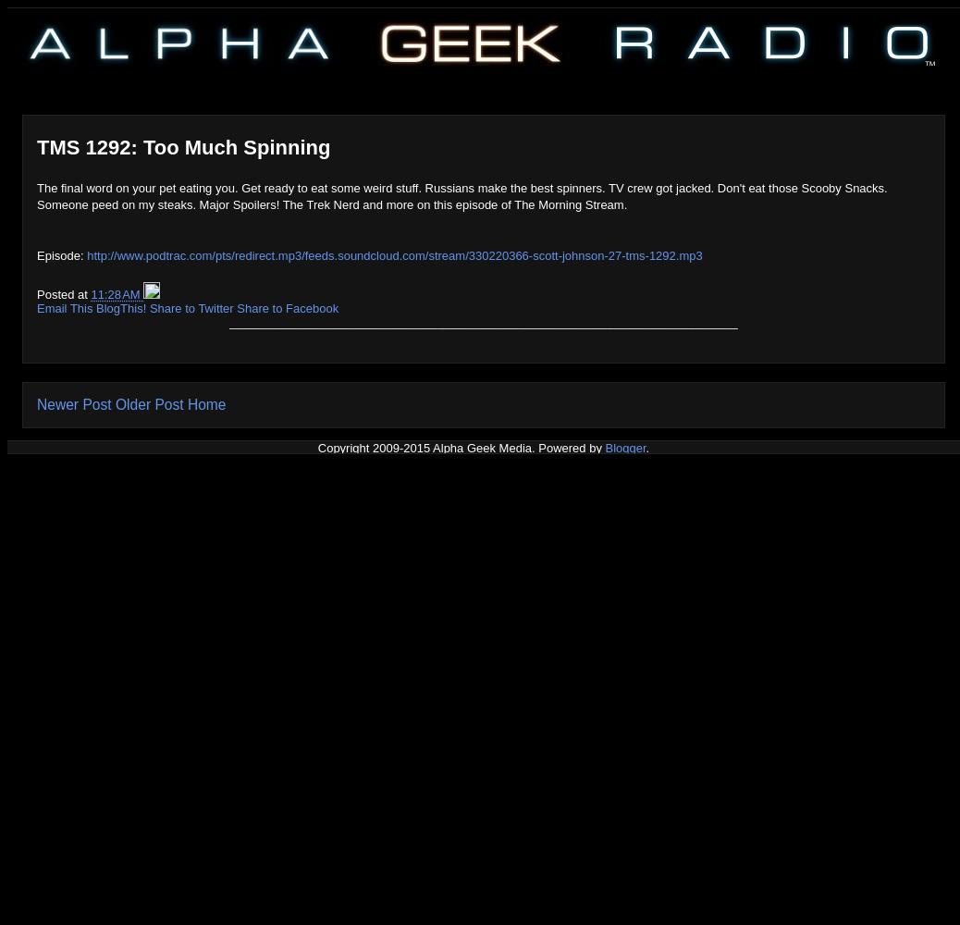 The height and width of the screenshot is (925, 960). I want to click on 'Home', so click(204, 404).